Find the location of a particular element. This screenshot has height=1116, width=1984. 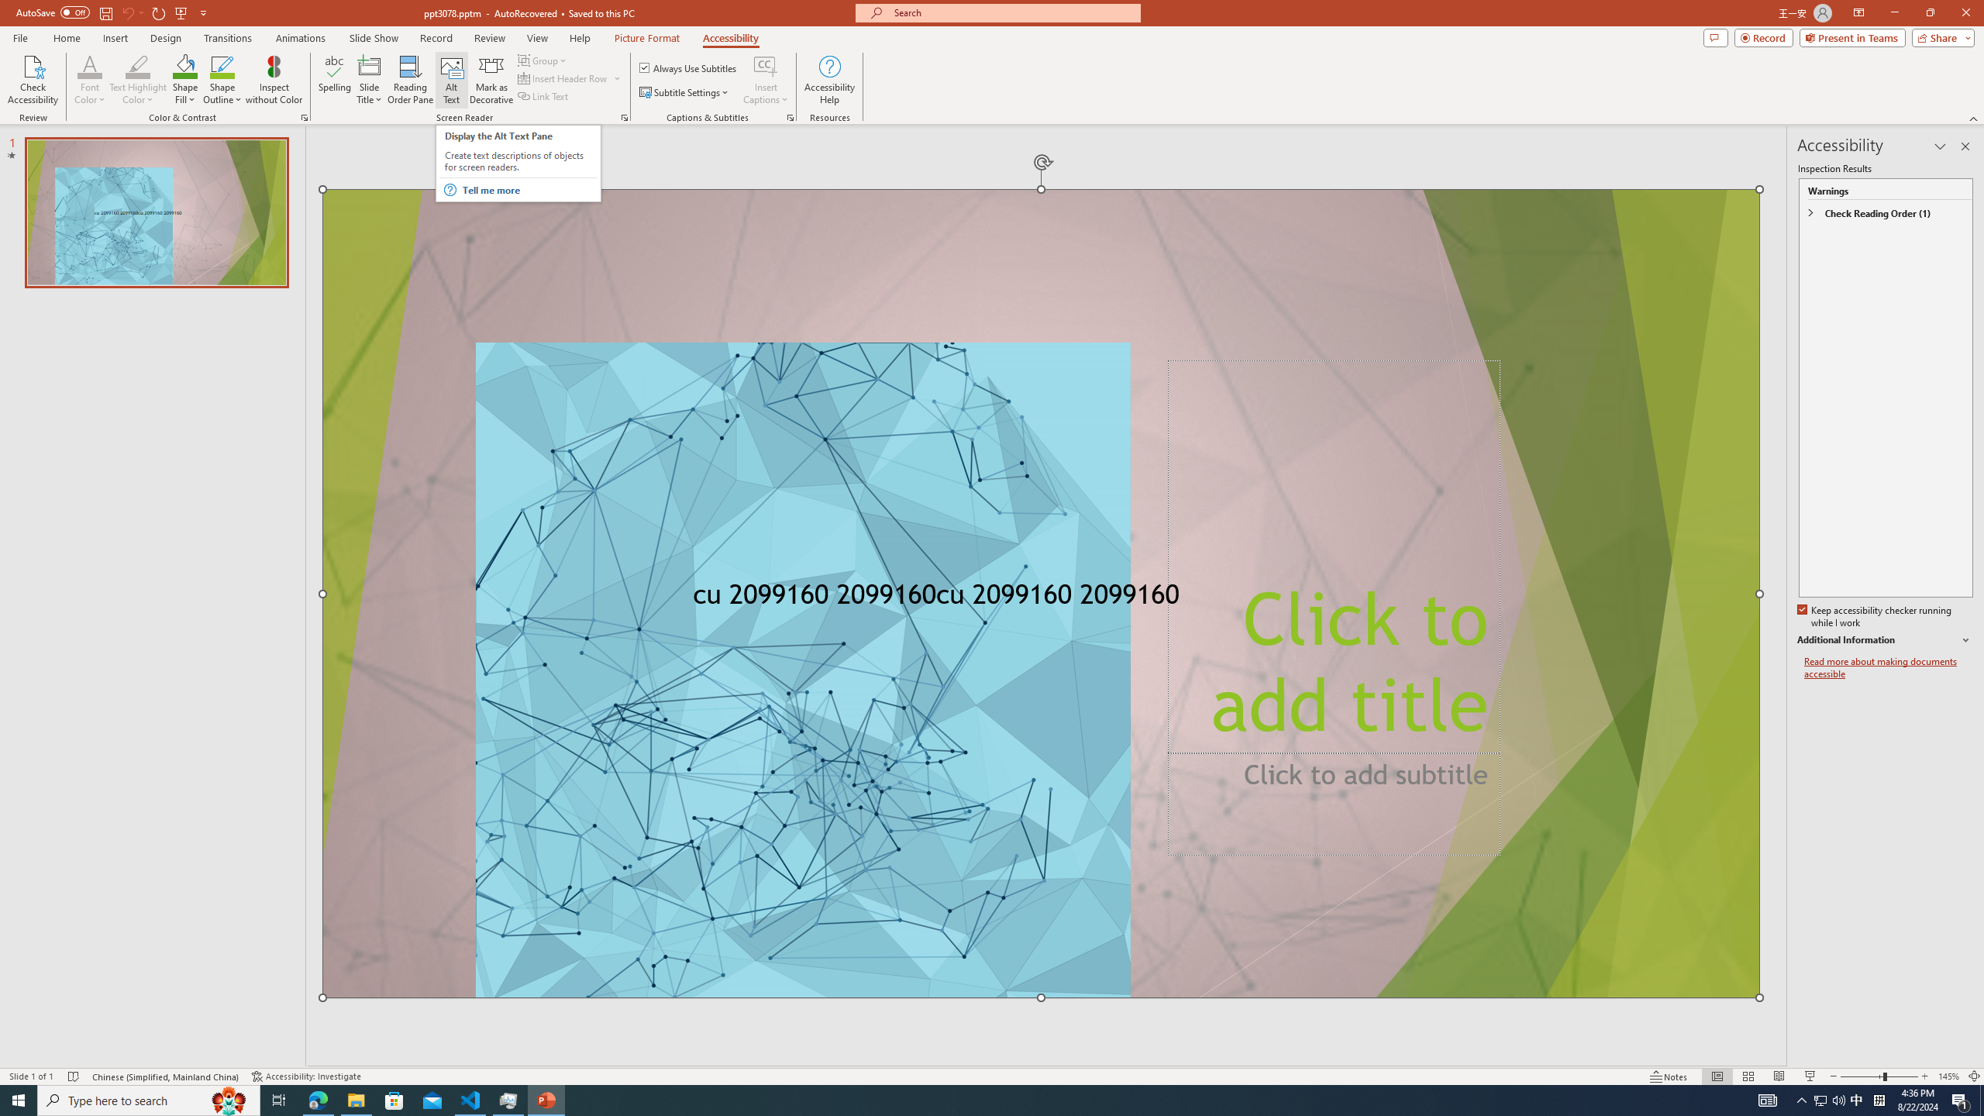

'Subtitle Settings' is located at coordinates (685, 91).